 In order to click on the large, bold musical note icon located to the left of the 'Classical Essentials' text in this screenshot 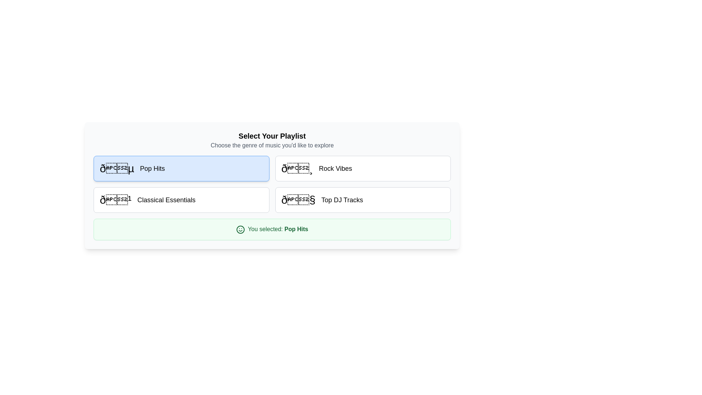, I will do `click(115, 200)`.